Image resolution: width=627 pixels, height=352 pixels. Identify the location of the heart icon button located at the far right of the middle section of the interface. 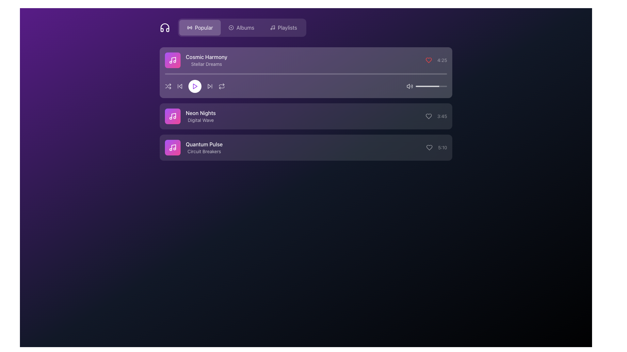
(429, 147).